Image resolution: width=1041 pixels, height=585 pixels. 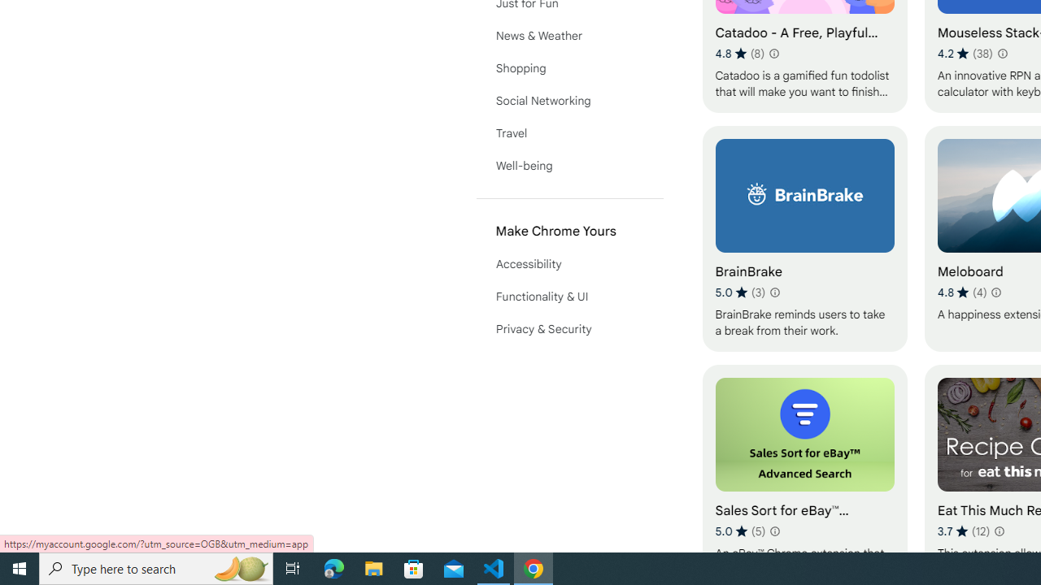 What do you see at coordinates (964, 531) in the screenshot?
I see `'Average rating 3.7 out of 5 stars. 12 ratings.'` at bounding box center [964, 531].